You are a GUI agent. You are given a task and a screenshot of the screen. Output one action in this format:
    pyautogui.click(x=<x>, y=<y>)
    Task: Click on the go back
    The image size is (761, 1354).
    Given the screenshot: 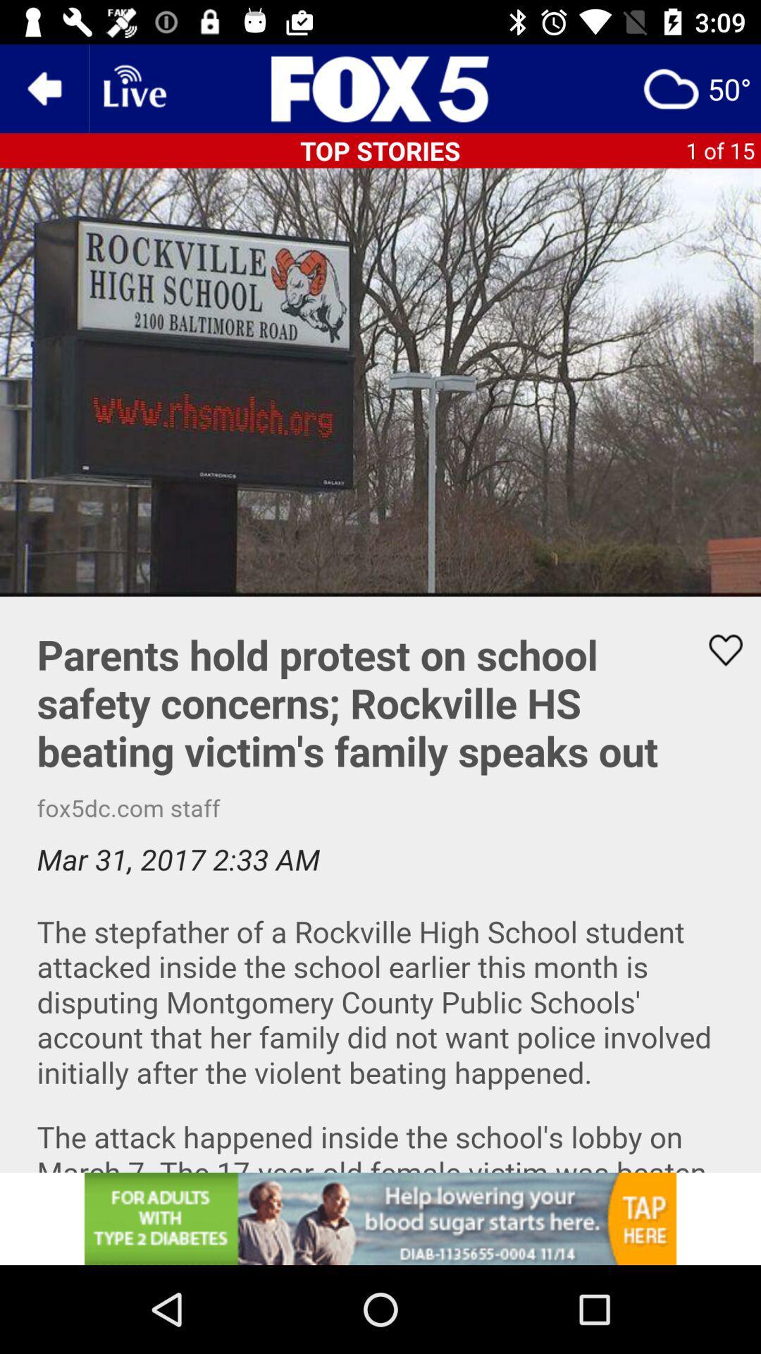 What is the action you would take?
    pyautogui.click(x=43, y=87)
    